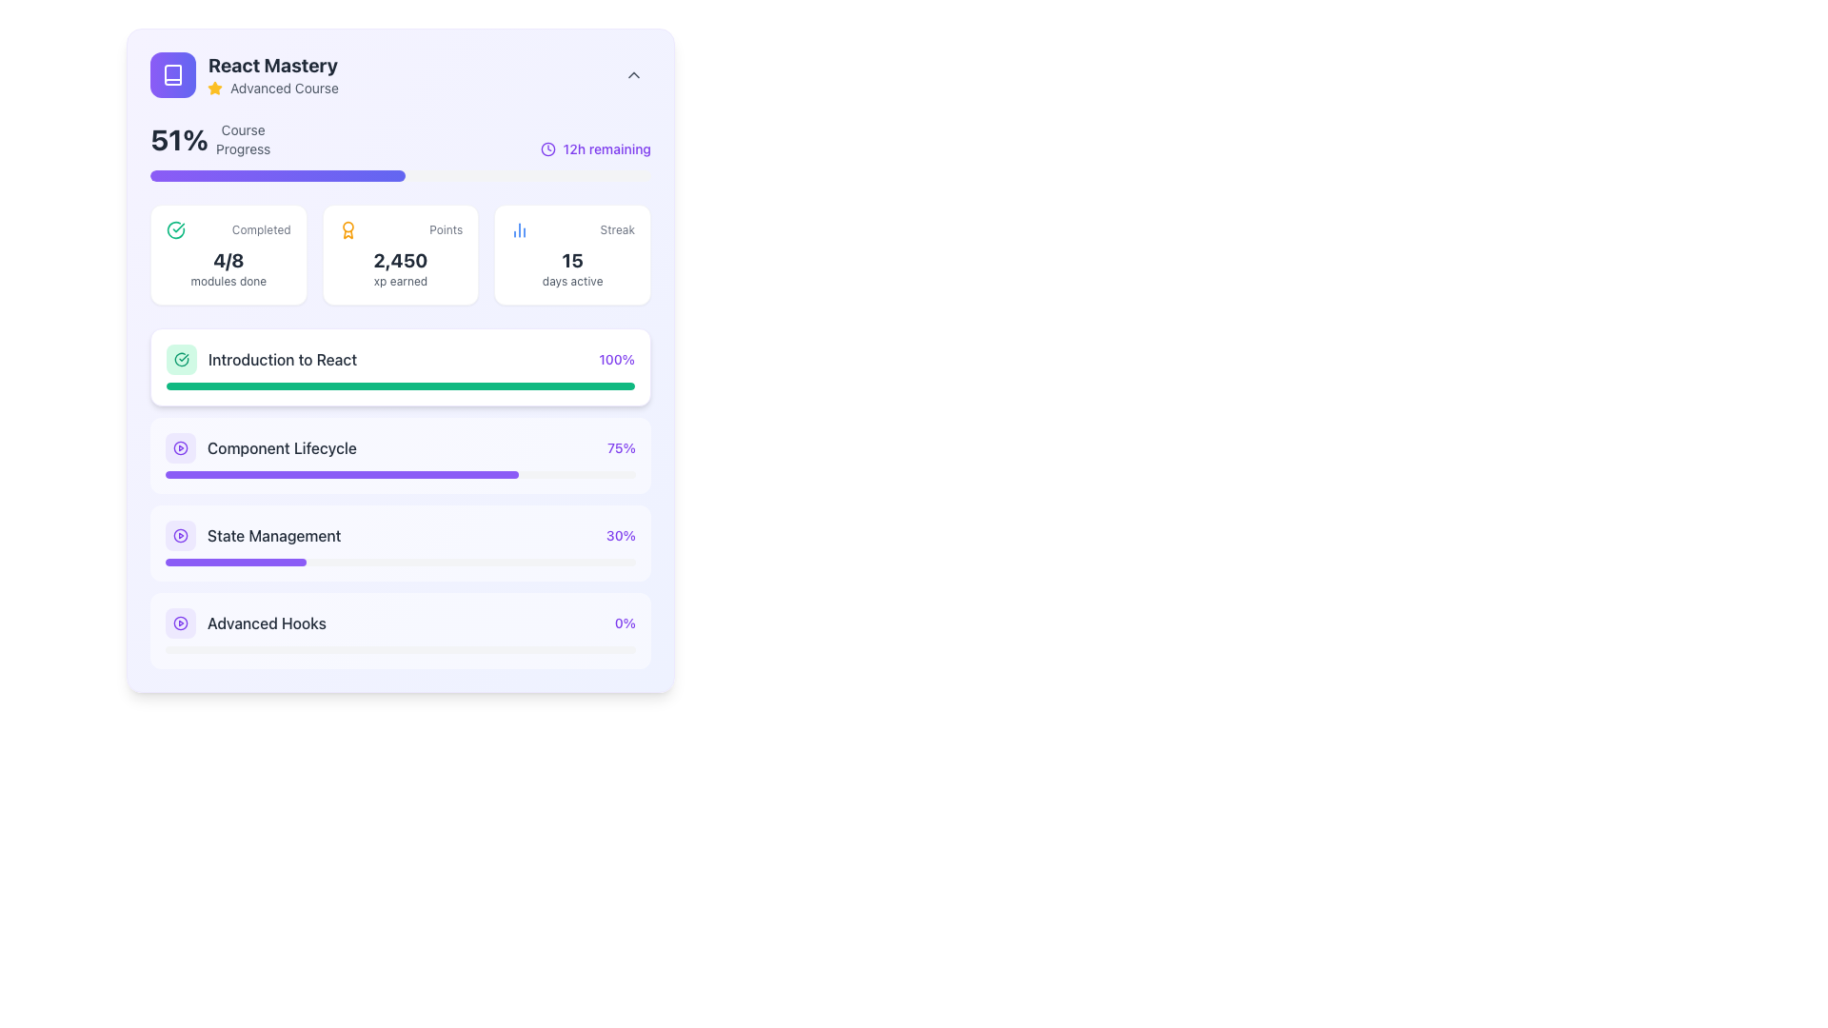 The width and height of the screenshot is (1828, 1028). Describe the element at coordinates (260, 360) in the screenshot. I see `the text label indicating the completed module in the React course, which is the first item in the list and has a green checkmark icon` at that location.